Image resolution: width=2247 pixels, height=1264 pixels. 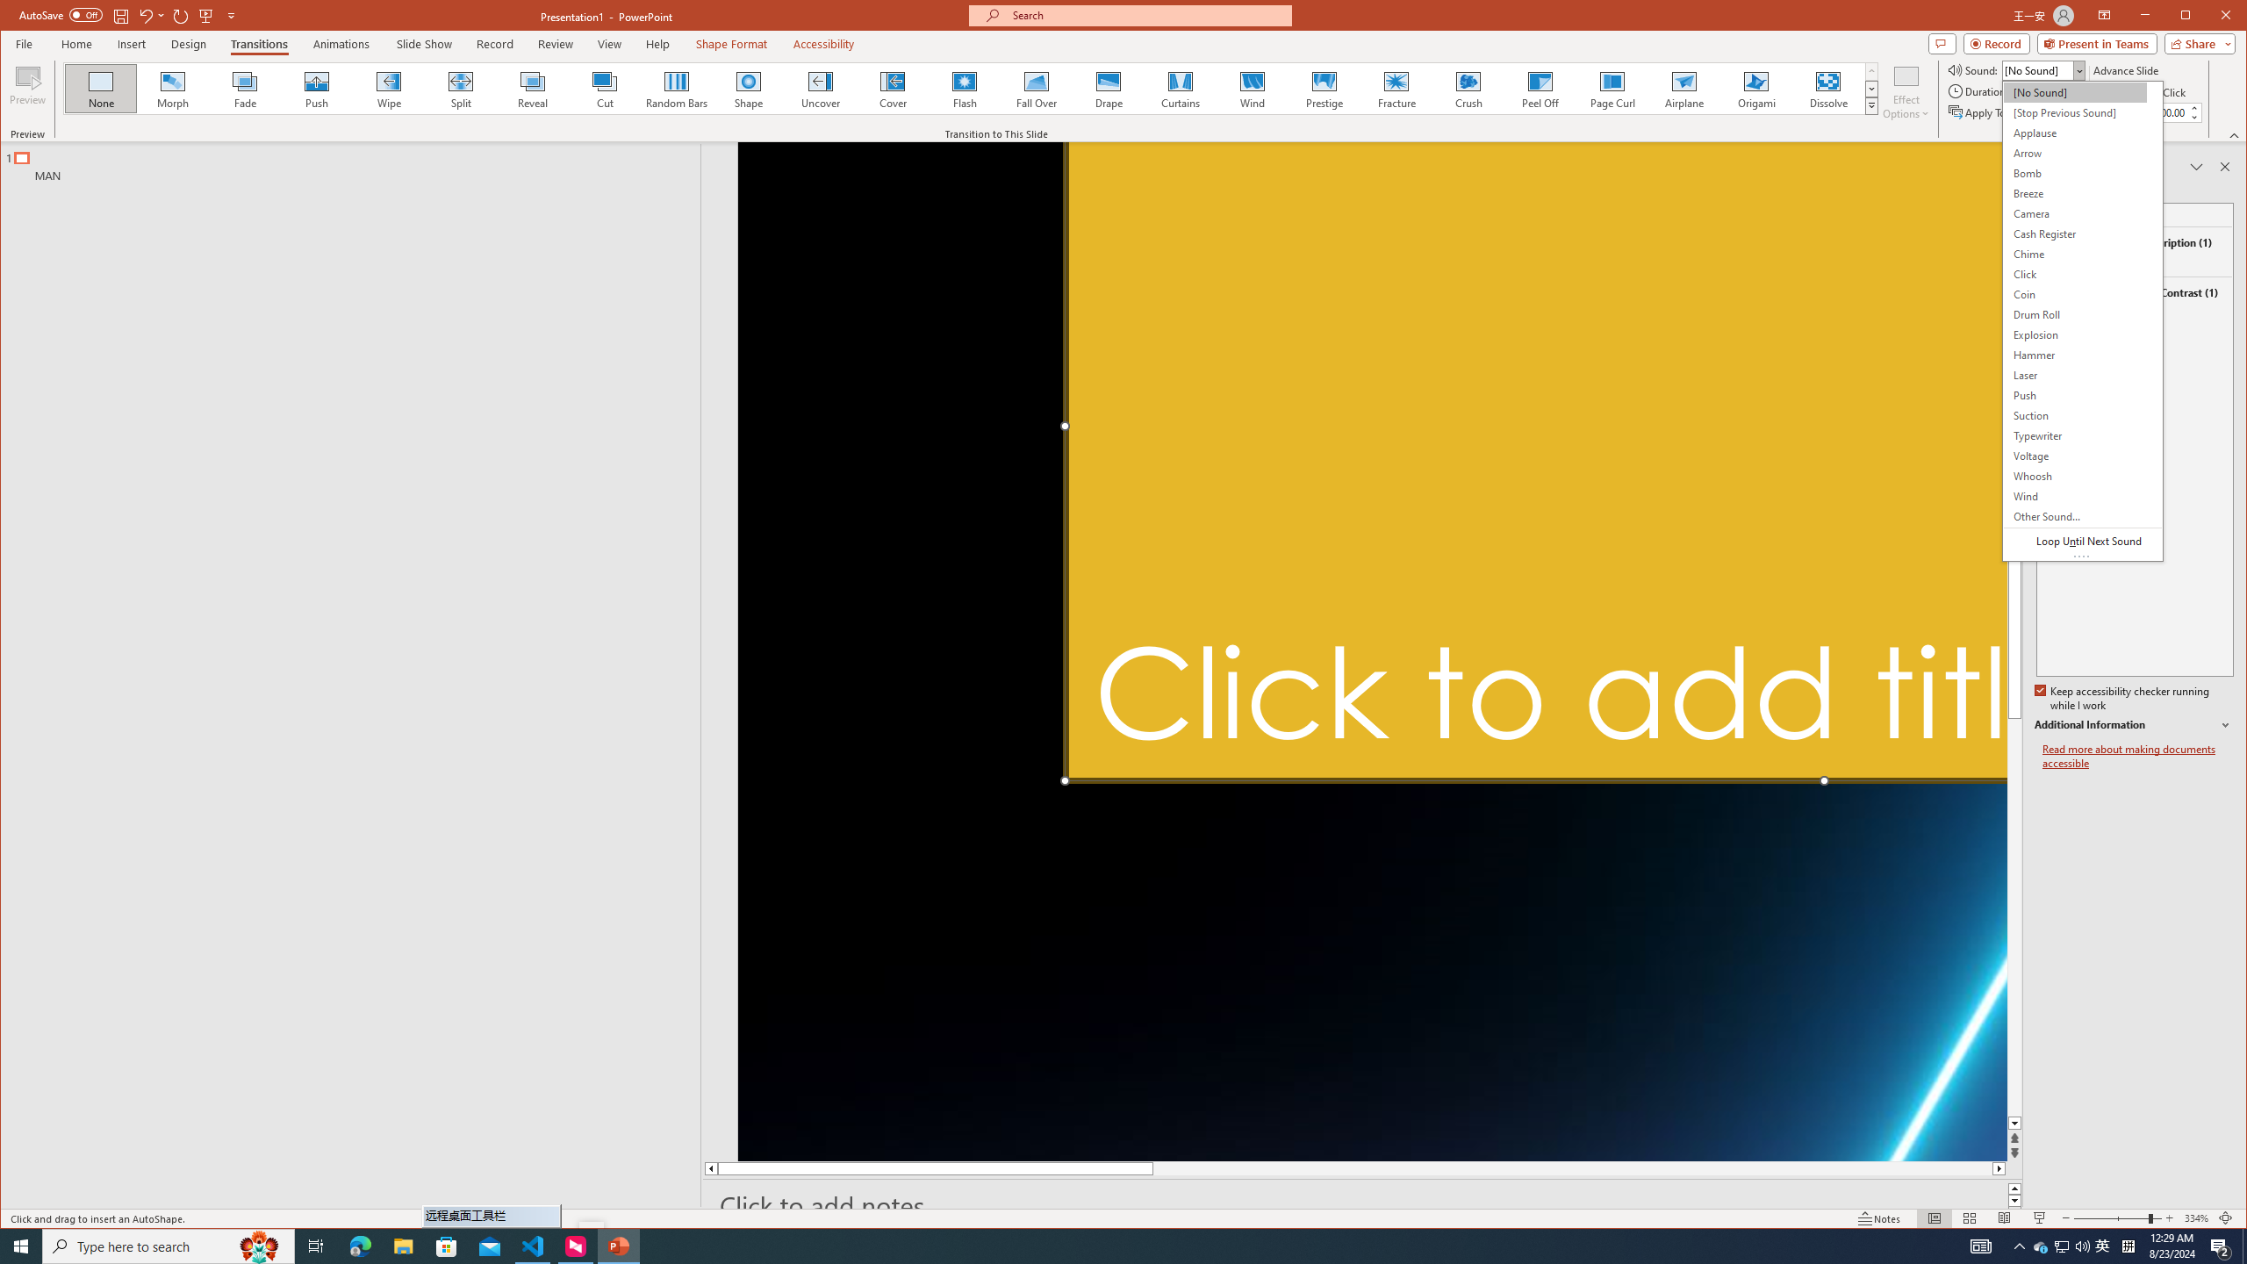 I want to click on 'Type here to search', so click(x=168, y=1245).